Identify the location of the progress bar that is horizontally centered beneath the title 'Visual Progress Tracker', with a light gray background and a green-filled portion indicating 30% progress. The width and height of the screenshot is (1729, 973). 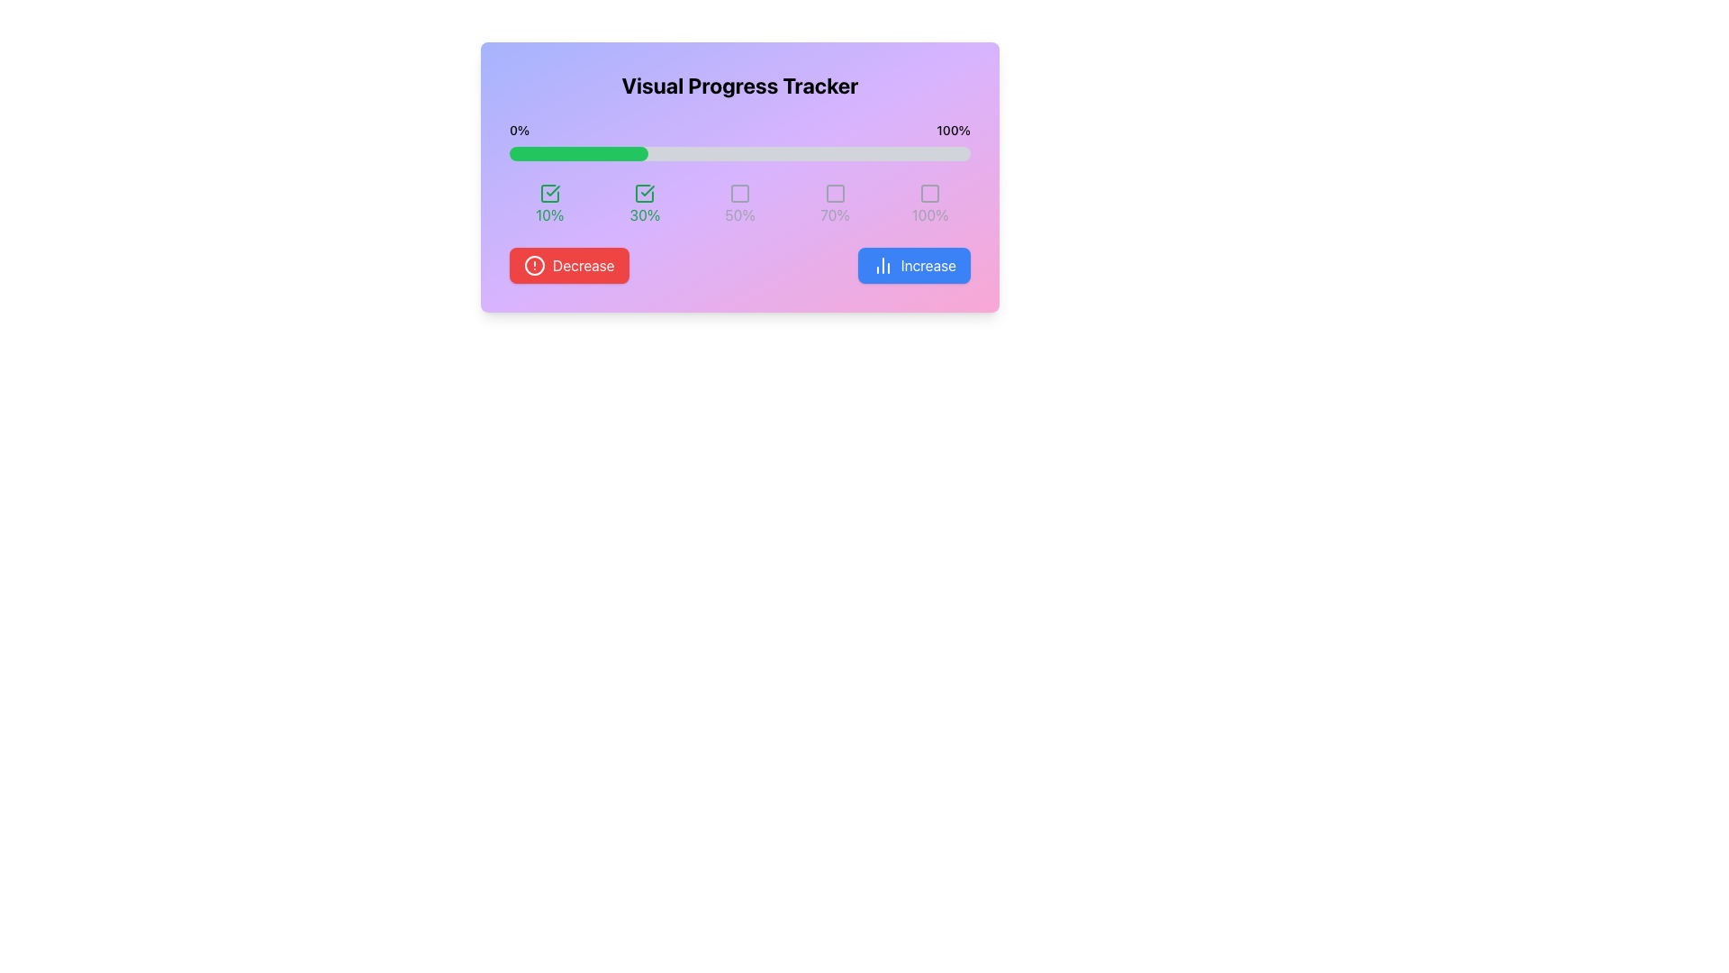
(739, 152).